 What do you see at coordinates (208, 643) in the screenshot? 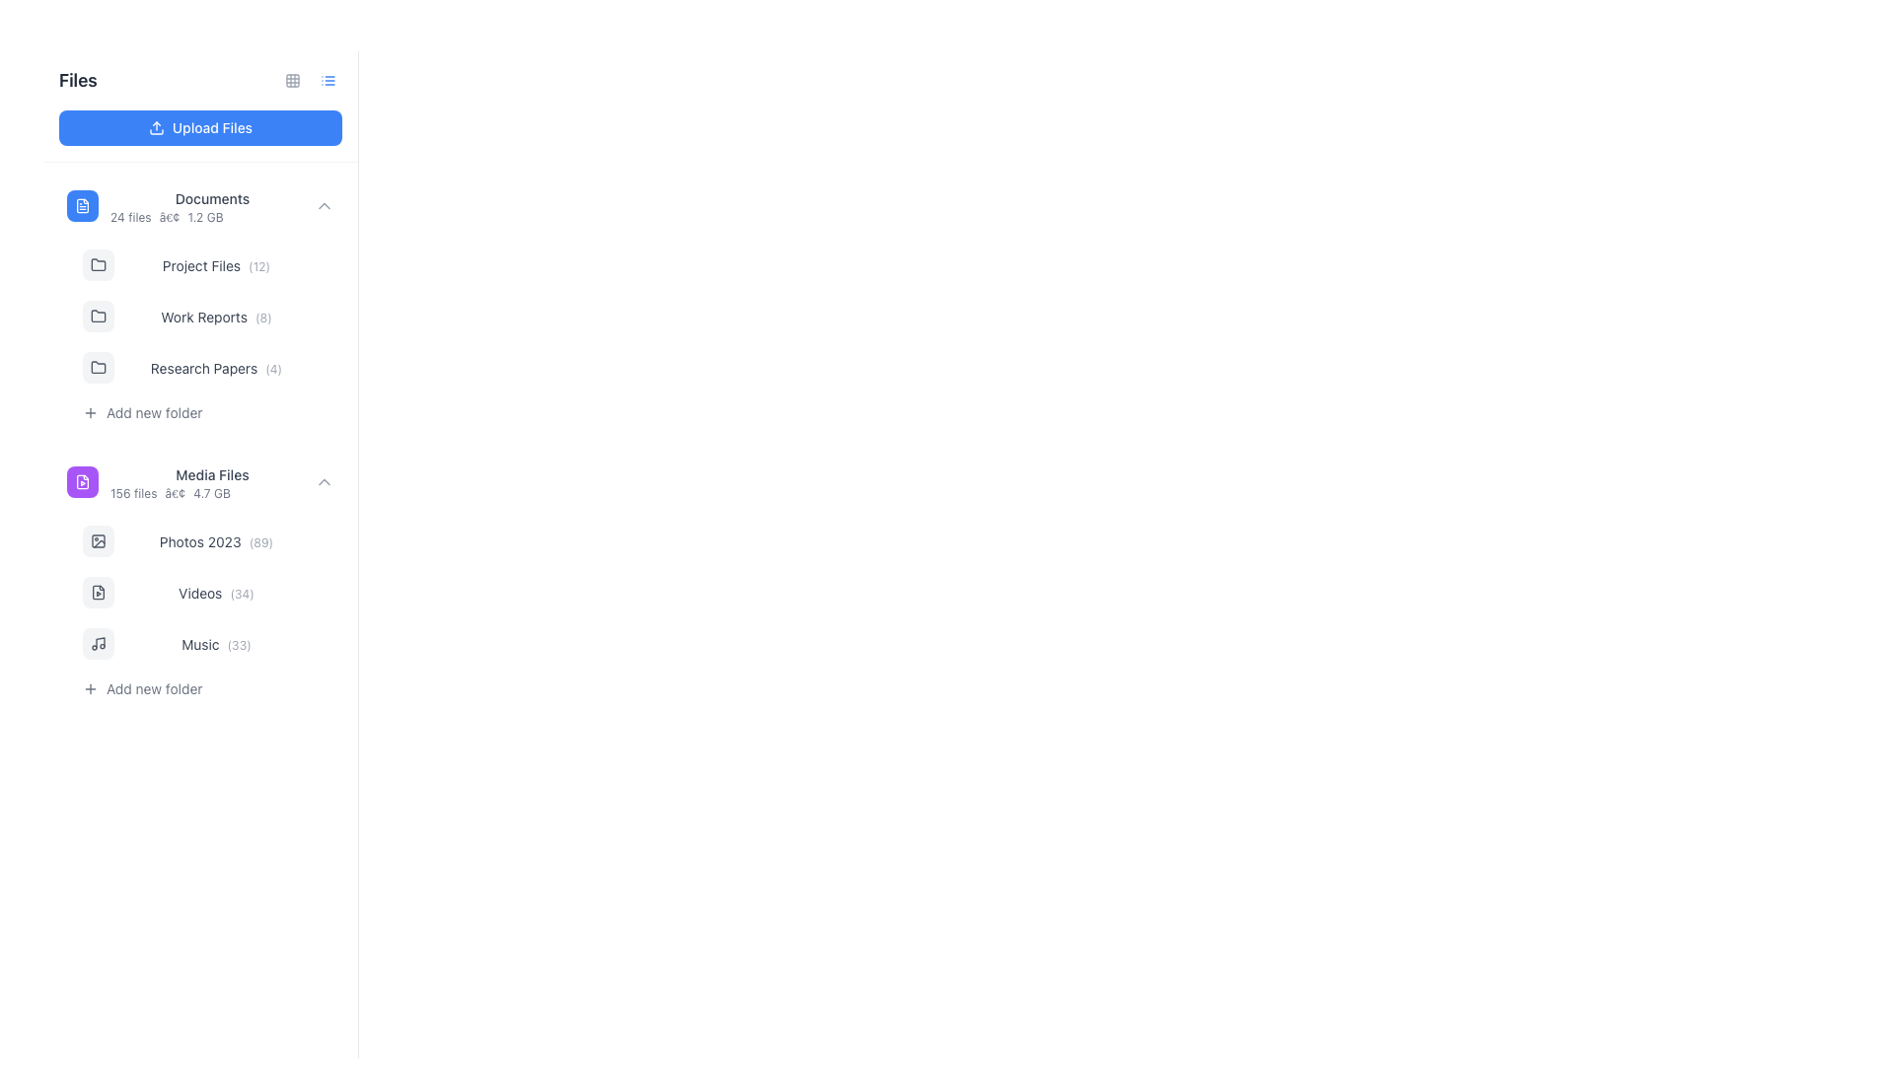
I see `the list item labeled 'Music(33)' in the navigation panel` at bounding box center [208, 643].